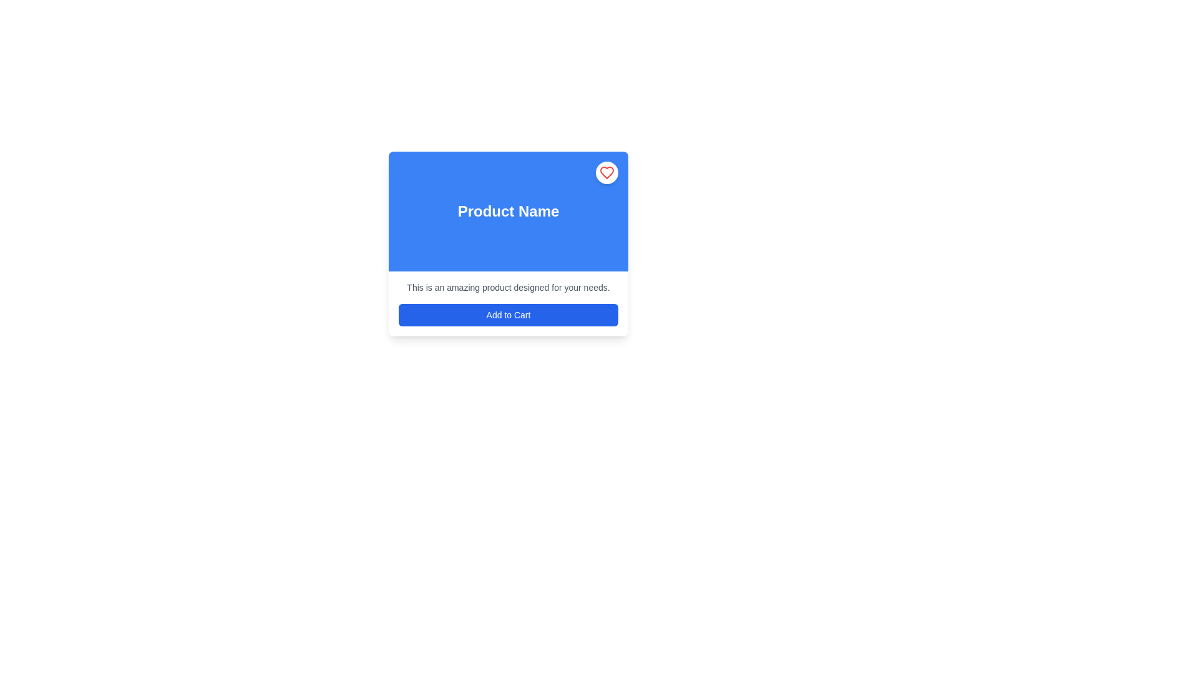  What do you see at coordinates (607, 173) in the screenshot?
I see `the favorite icon located at the top-right corner of the blue card interface labeled 'Product Name' to interact with the feature it represents` at bounding box center [607, 173].